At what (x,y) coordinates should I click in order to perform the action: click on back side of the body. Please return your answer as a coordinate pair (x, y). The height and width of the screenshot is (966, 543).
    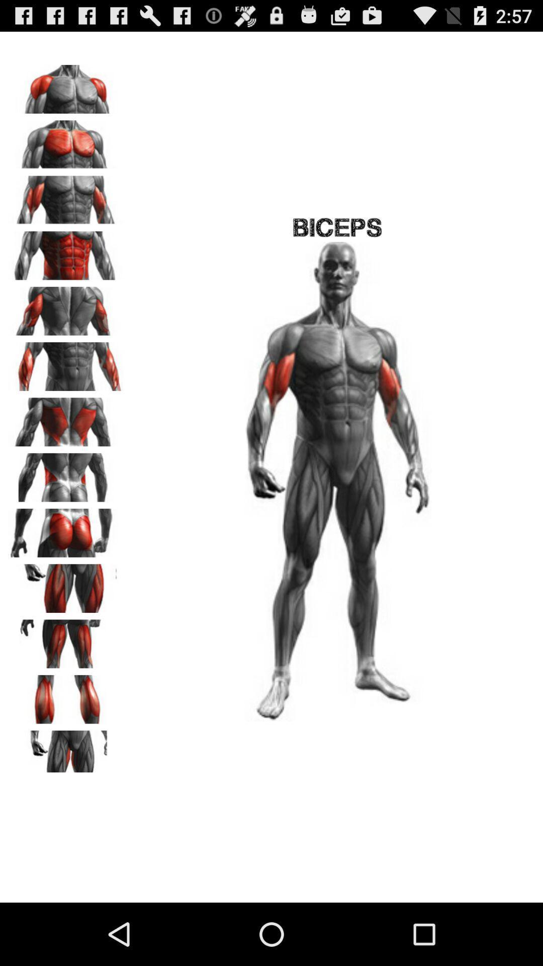
    Looking at the image, I should click on (66, 307).